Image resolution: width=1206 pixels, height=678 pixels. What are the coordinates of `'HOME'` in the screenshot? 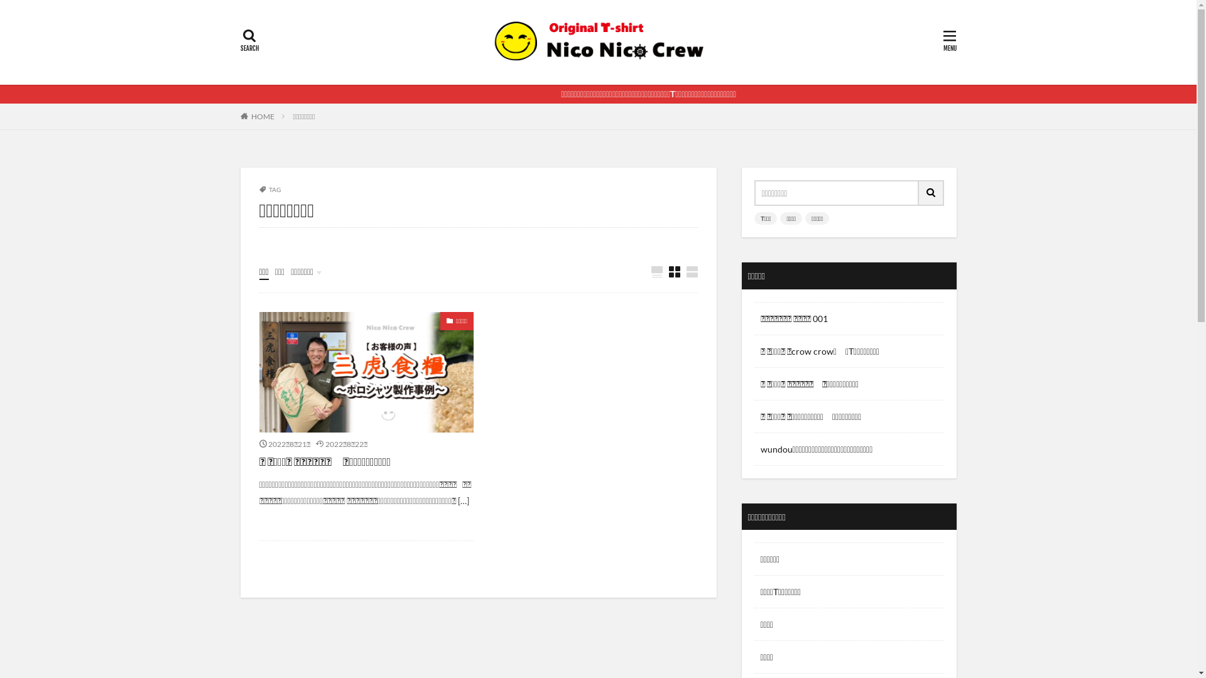 It's located at (251, 116).